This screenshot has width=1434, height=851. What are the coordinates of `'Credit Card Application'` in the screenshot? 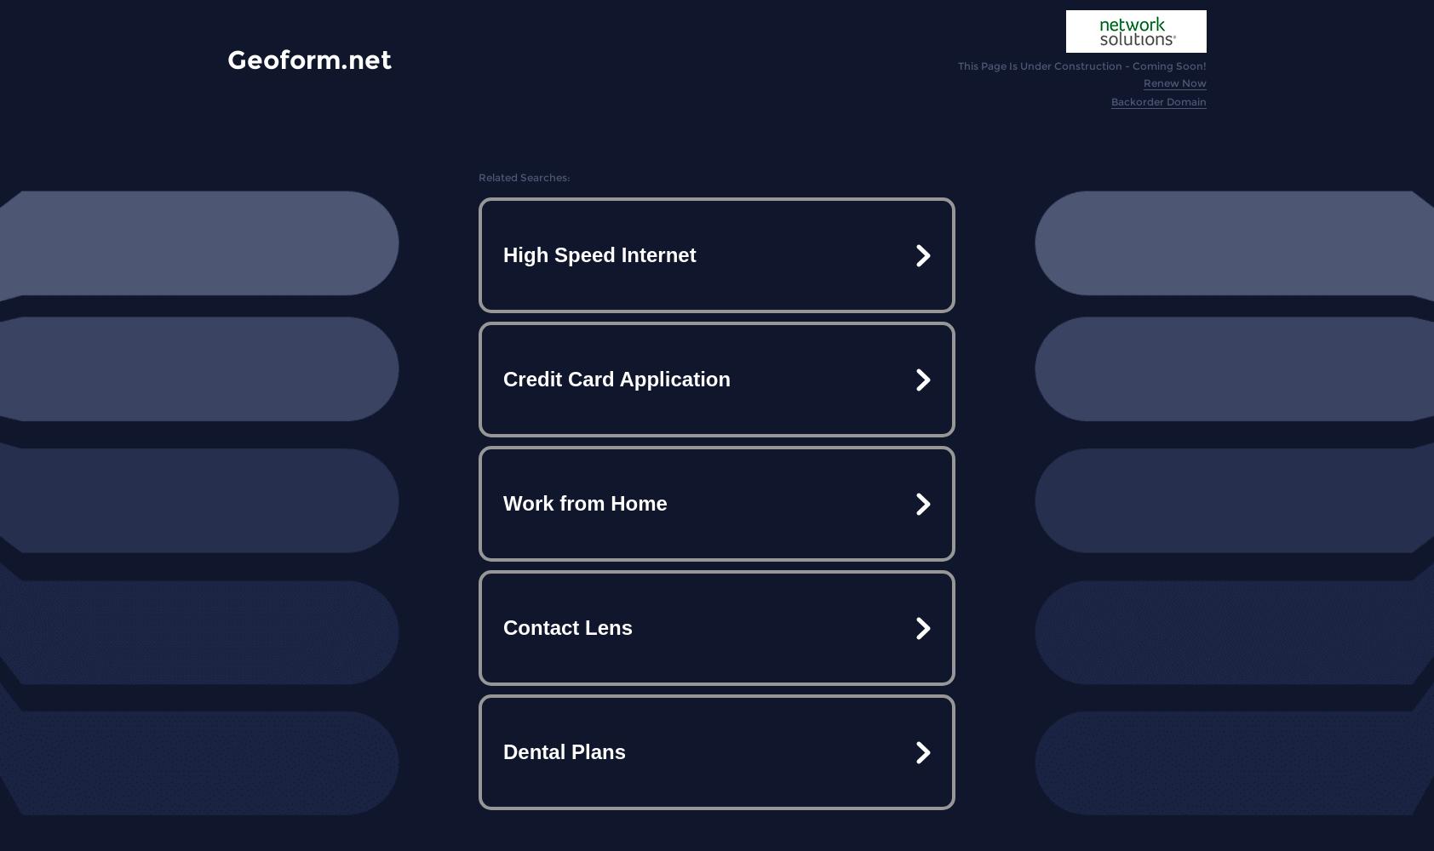 It's located at (617, 378).